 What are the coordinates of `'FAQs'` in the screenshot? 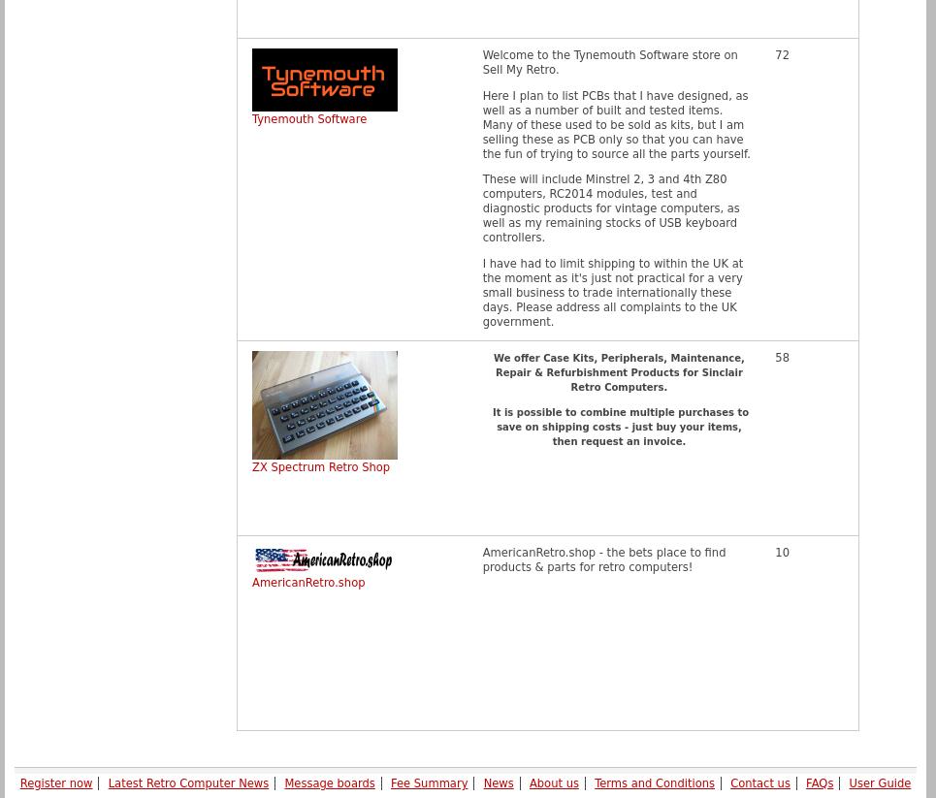 It's located at (818, 782).